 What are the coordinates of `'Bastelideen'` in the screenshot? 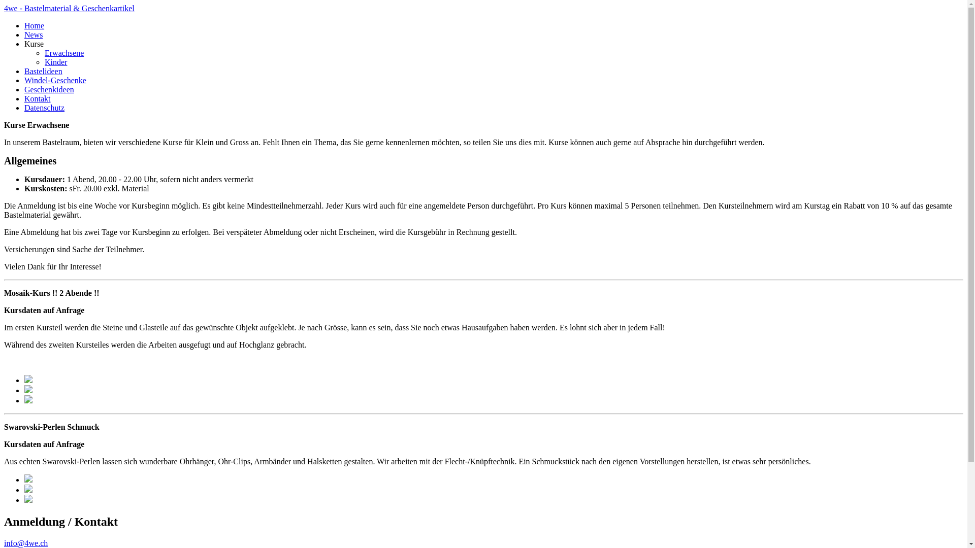 It's located at (43, 71).